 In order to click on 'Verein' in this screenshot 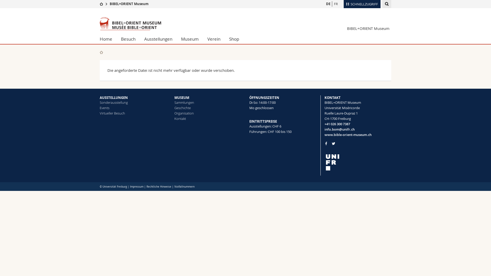, I will do `click(214, 39)`.